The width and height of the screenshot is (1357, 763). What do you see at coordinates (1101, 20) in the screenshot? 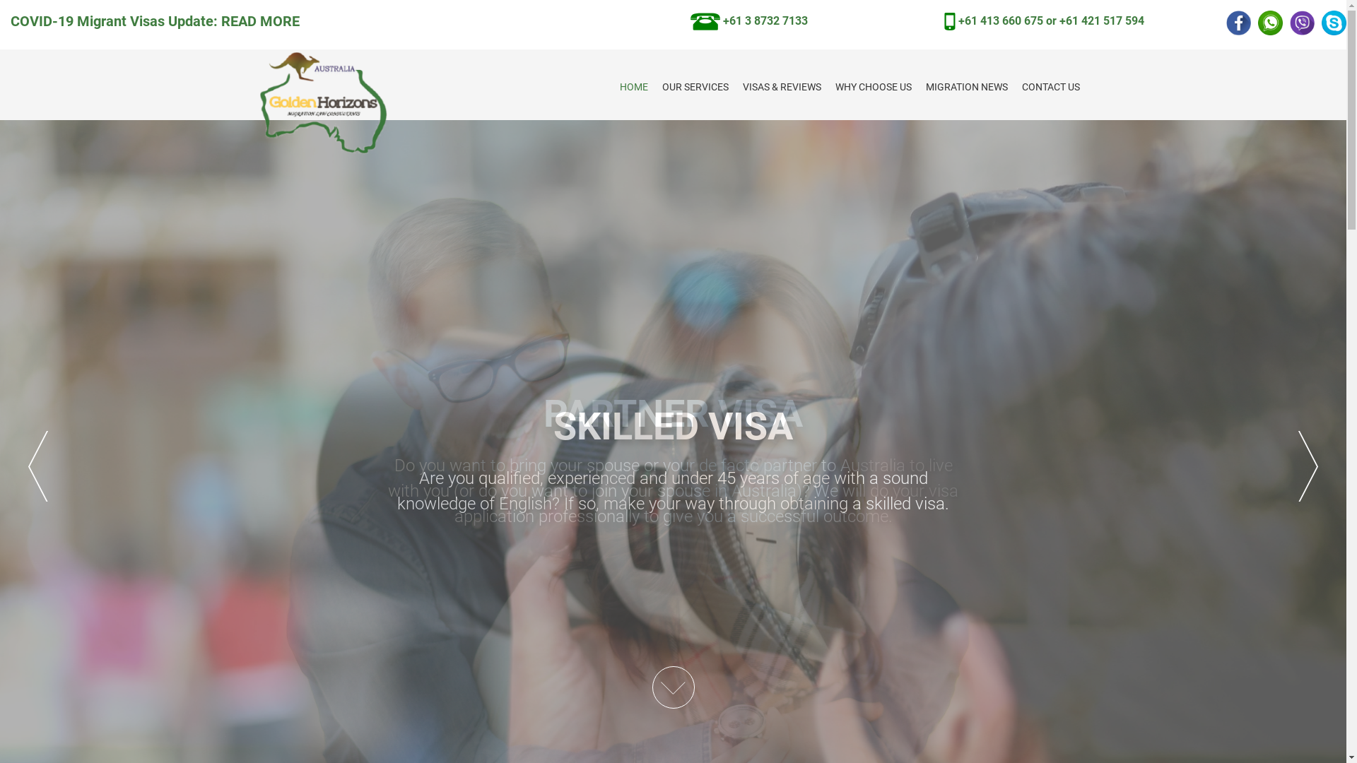
I see `'+61 421 517 594'` at bounding box center [1101, 20].